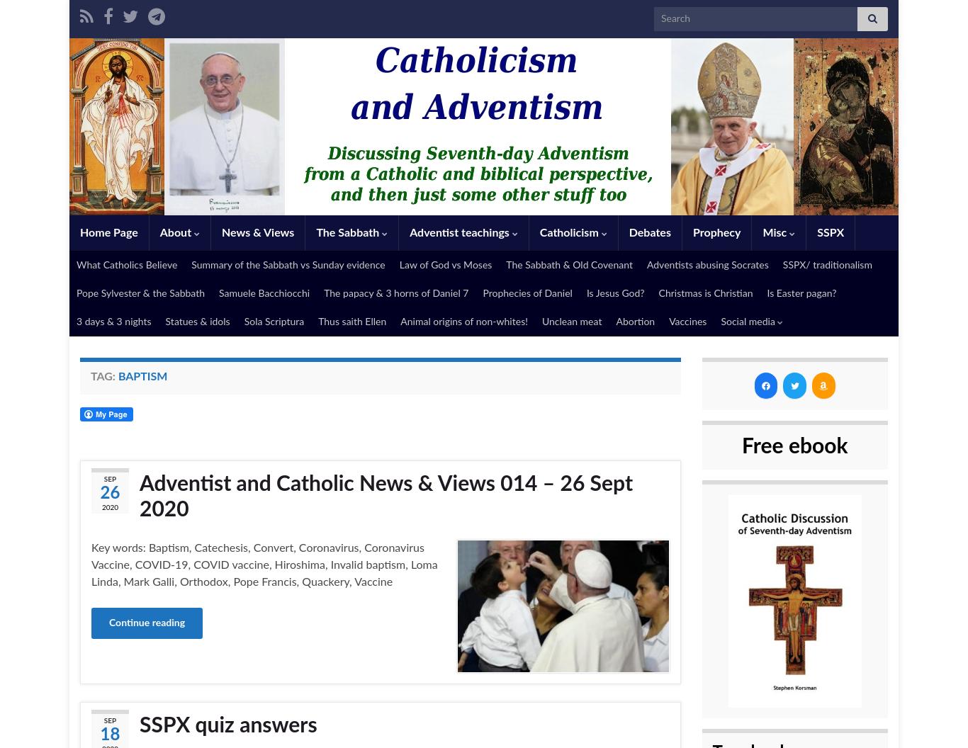  I want to click on 'Key words: Baptism, Catechesis, Convert, Coronavirus, Coronavirus Vaccine, COVID-19, COVID vaccine, Hiroshima, Invalid baptism, Loma Linda, Mark Galli, Orthodox, Pope Francis, Quackery, Vaccine', so click(264, 564).